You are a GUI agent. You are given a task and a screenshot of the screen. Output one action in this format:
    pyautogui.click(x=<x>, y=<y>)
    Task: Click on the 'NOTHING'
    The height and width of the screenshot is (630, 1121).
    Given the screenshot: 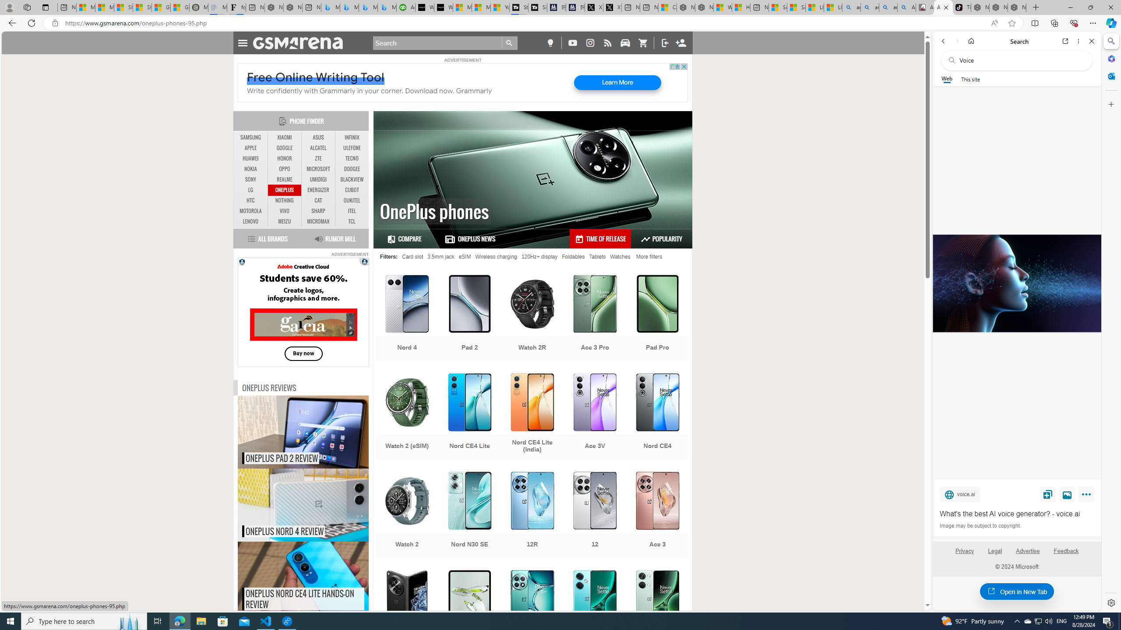 What is the action you would take?
    pyautogui.click(x=284, y=201)
    